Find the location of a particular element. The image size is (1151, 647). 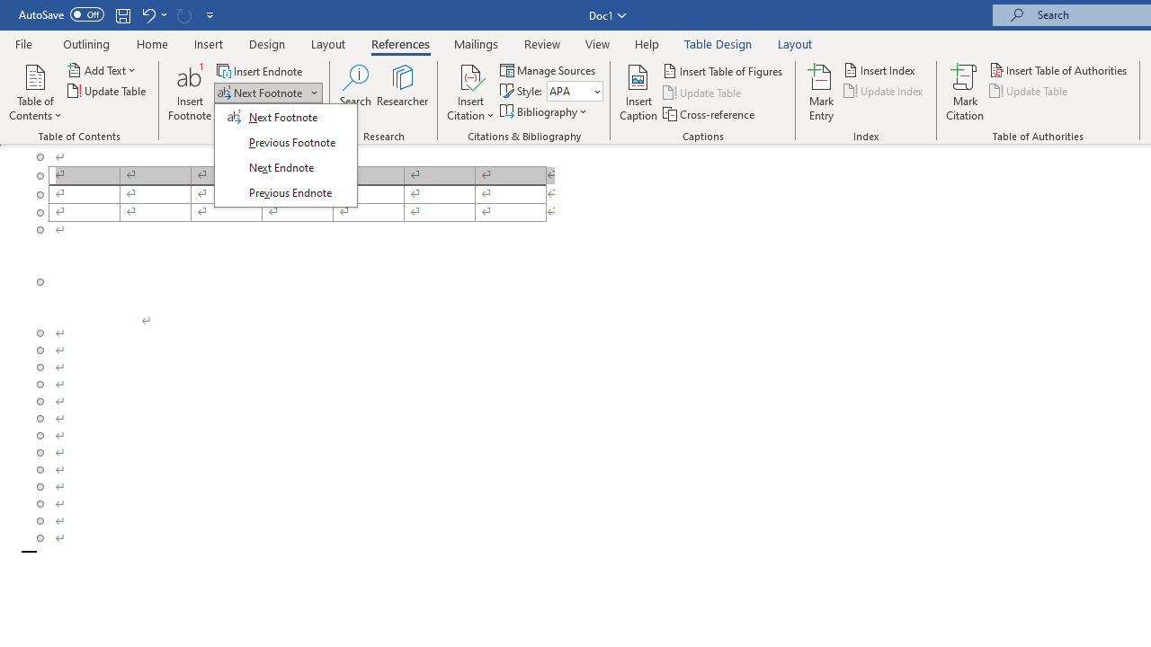

'Insert Endnote' is located at coordinates (260, 70).